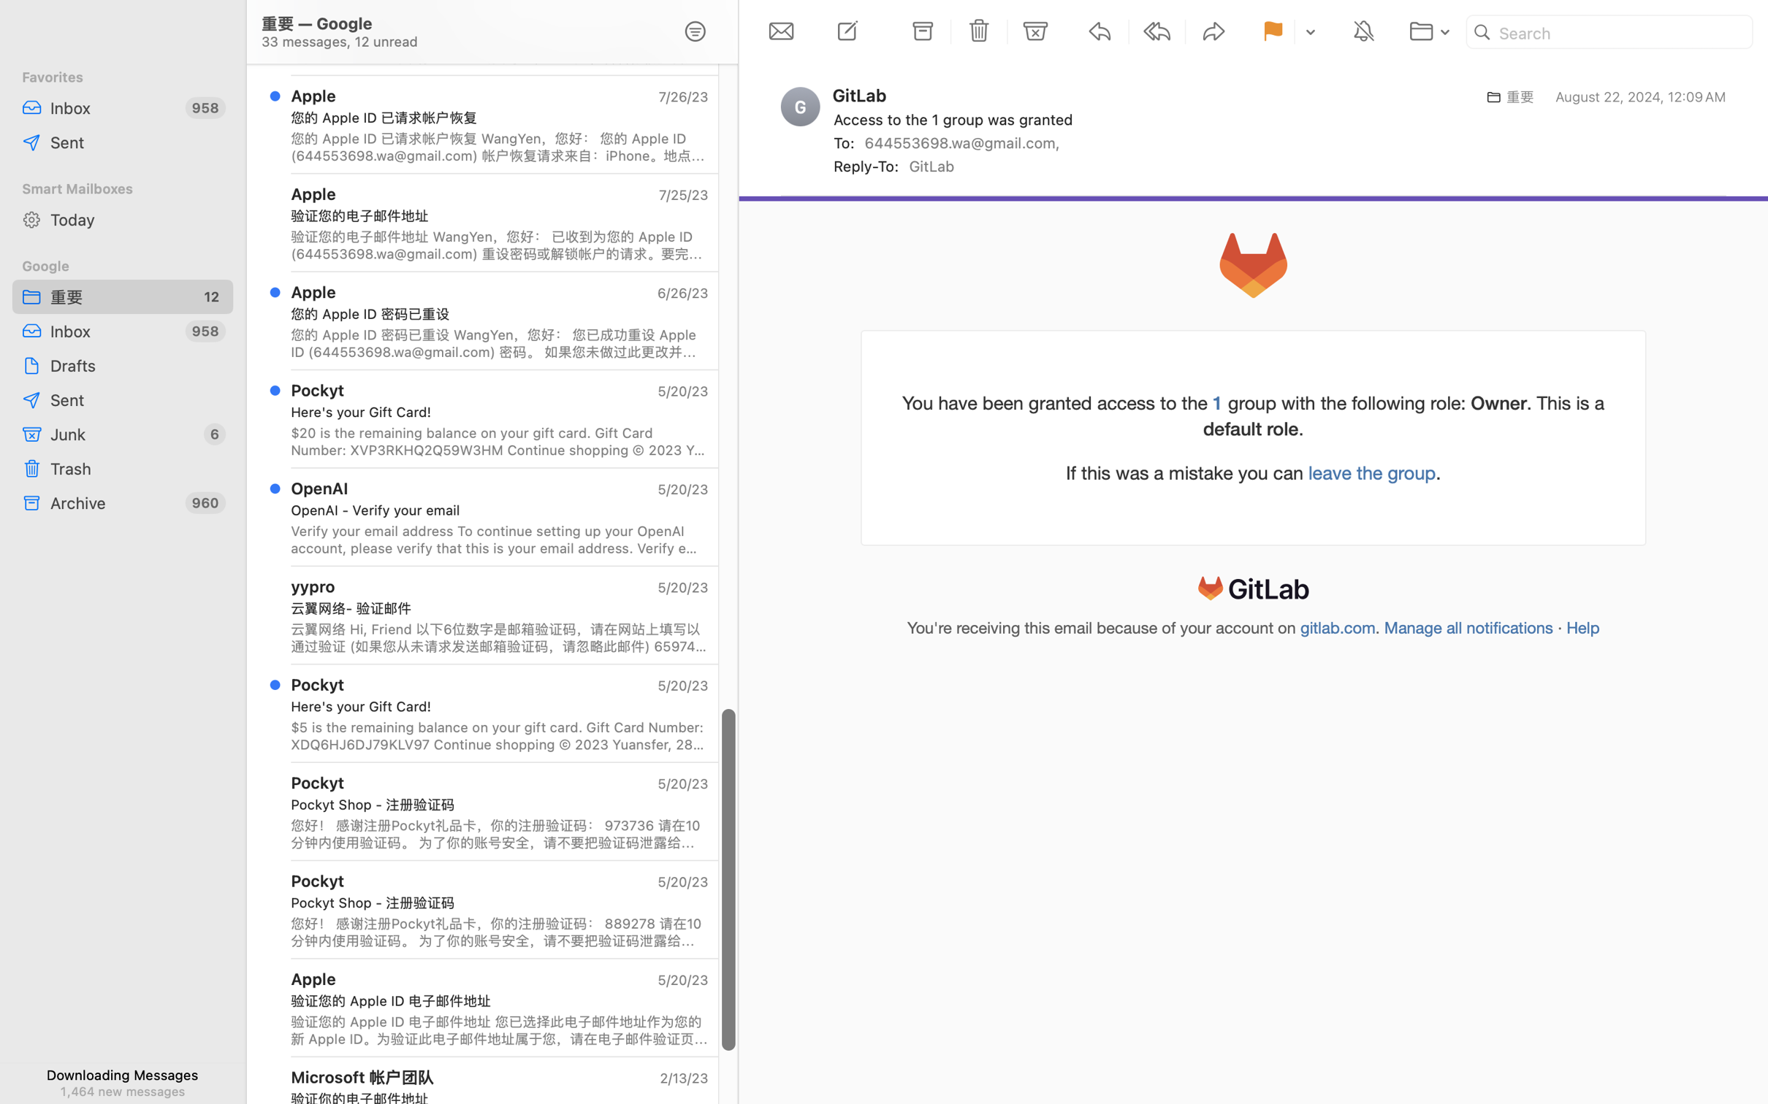  I want to click on '您的 Apple ID 已请求帐户恢复 WangYen，您好： 您的 Apple ID (644553698.wa@gmail.com) 帐户恢复请求来自：iPhone。地点大概位置：Tianjin, TJ。提出时间：2023年7月25日下午12:16:33 GMT+8。提供的联系电话号码：+86 159 0032 4640。 当您的帐户于2023年8月8日下午12:16:33 GMT+8 准备好进行恢复时，此电话号码将会收到短信或语音来电。有关帐户的最新状态，或者您想提供更多信息以帮助帐户恢复，请访问 https://iforgot.apple.com 如果您没有提出此请求，或者对上述信息不知情，您需要立即取消帐户恢复以保证帐户安全。 此致 Apple 支持 Apple ID | 支持 | 隐私政策 Copyright © 2023 One Apple Park Way, Cupertino, CA 95014, United States‎ 保留所有权利。', so click(498, 146).